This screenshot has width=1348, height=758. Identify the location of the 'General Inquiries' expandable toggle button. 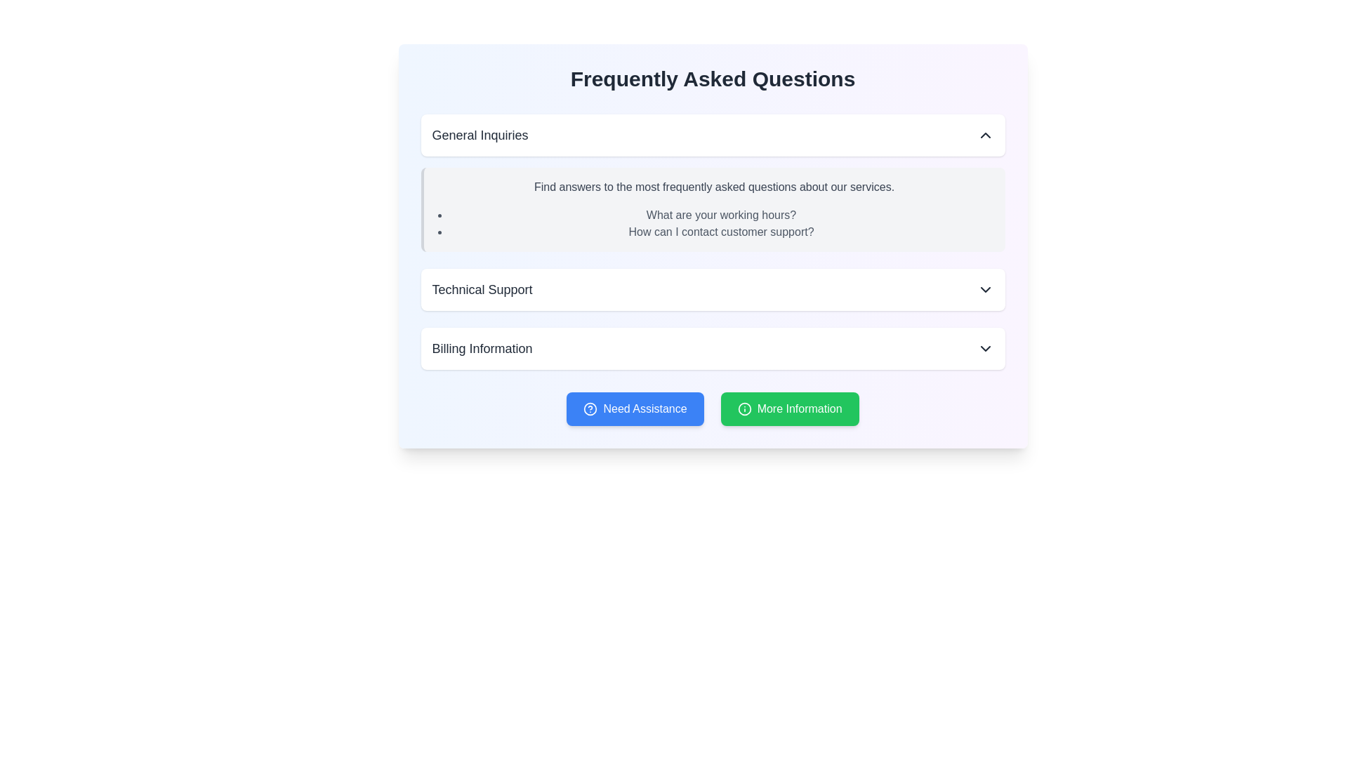
(713, 135).